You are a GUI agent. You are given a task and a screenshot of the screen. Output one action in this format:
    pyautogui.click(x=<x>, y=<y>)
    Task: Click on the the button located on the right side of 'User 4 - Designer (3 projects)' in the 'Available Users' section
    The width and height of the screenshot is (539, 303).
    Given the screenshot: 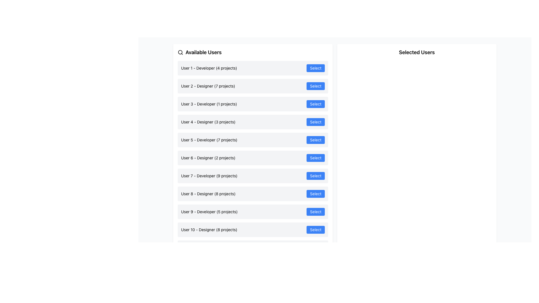 What is the action you would take?
    pyautogui.click(x=316, y=122)
    